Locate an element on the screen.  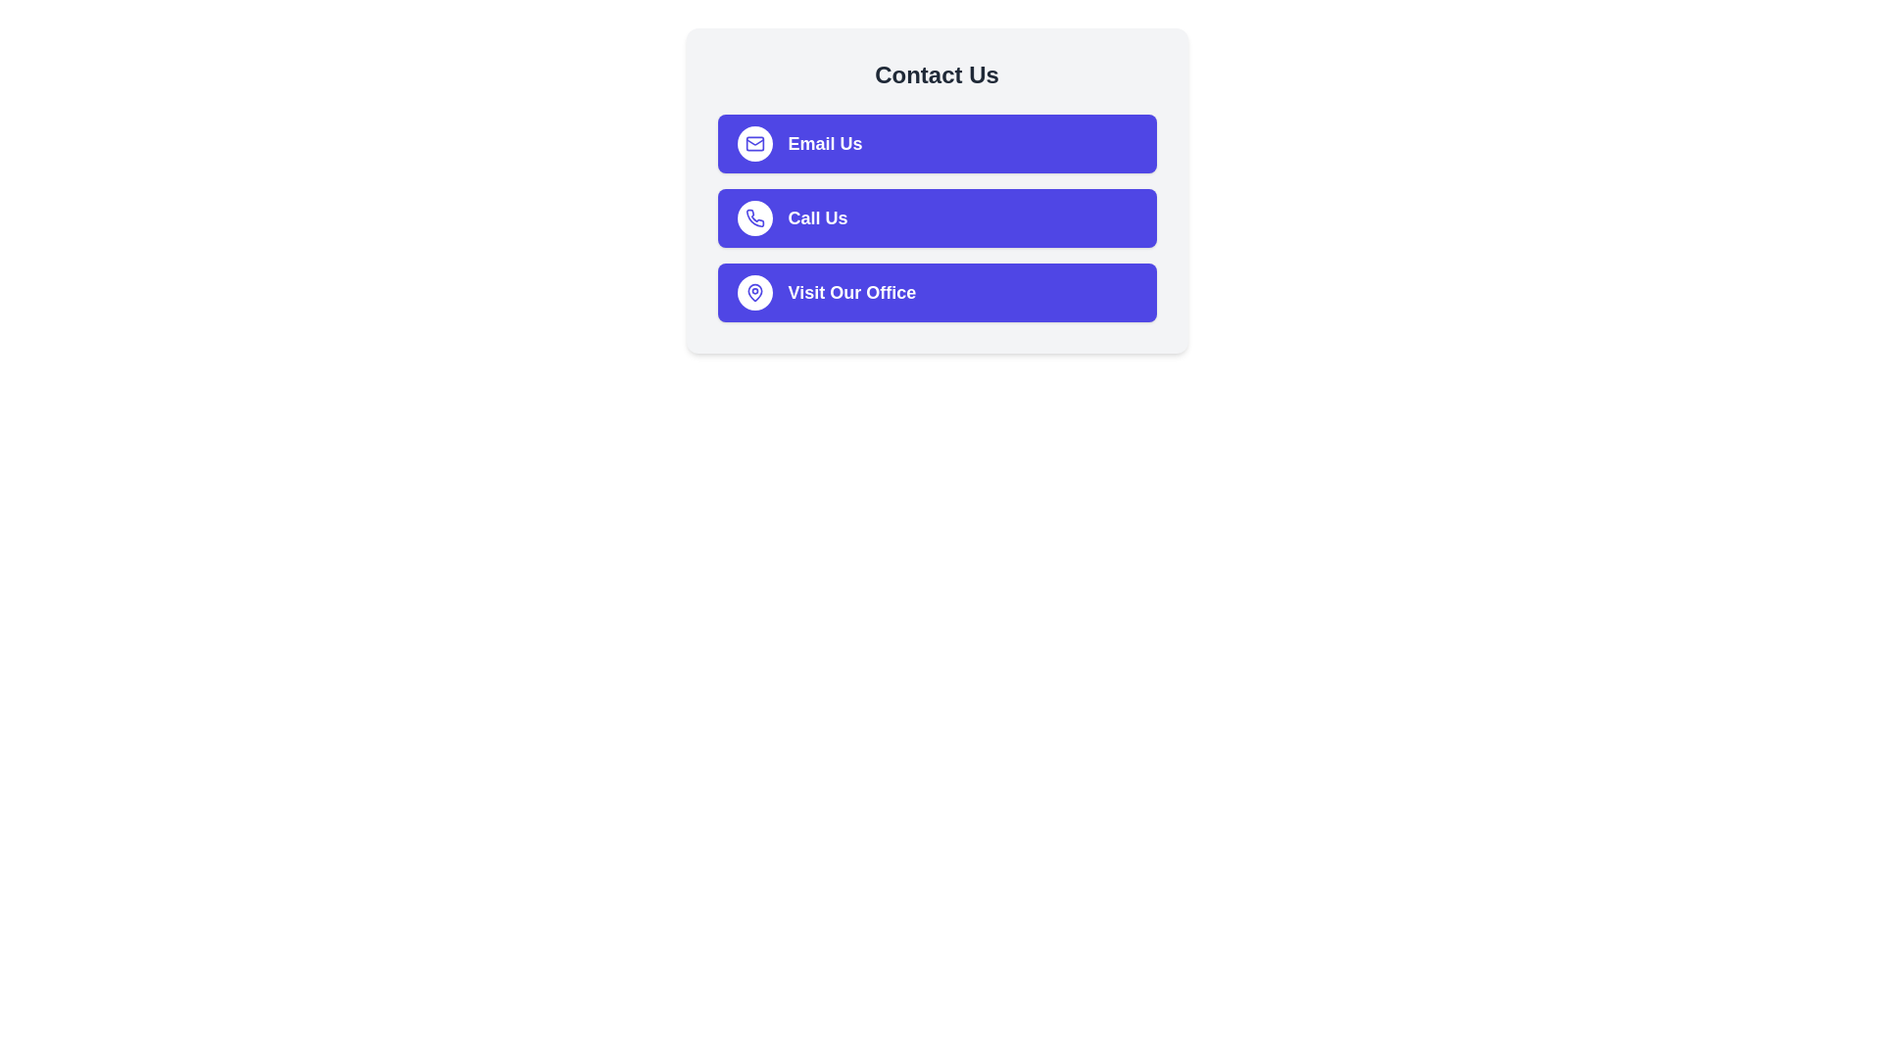
the main text label of the second button that identifies the button's purpose to contact a phone service is located at coordinates (818, 218).